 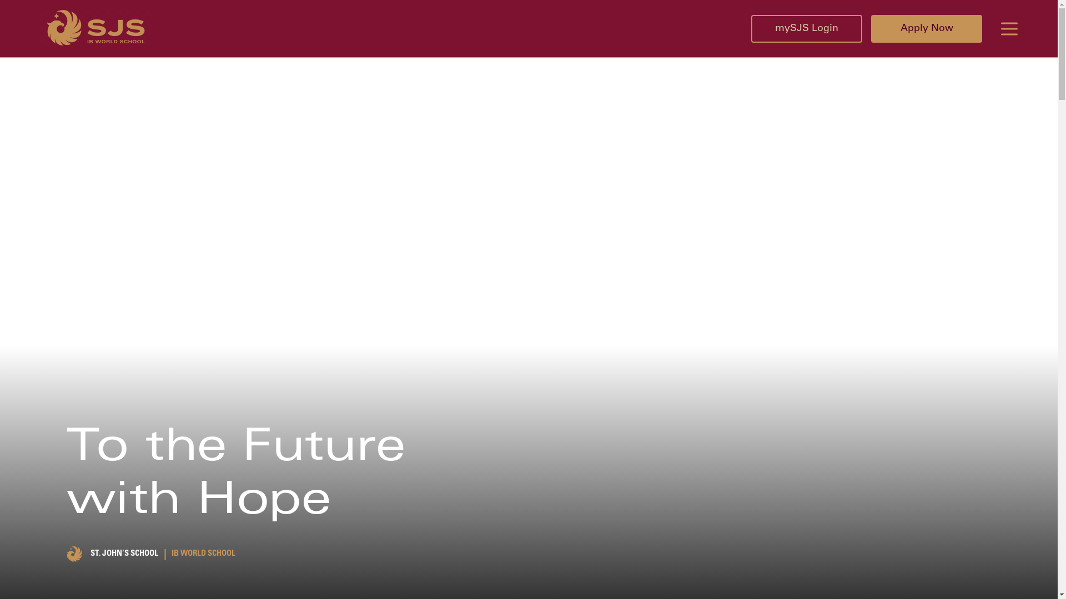 I want to click on 'mySJS Login', so click(x=807, y=27).